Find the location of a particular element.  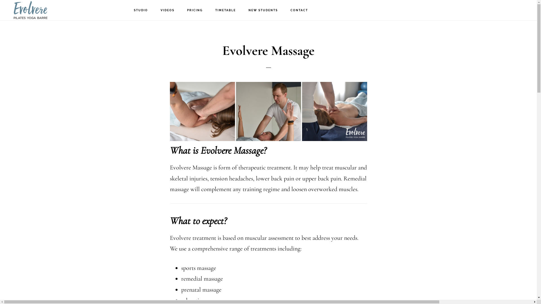

'STUDIO' is located at coordinates (141, 10).